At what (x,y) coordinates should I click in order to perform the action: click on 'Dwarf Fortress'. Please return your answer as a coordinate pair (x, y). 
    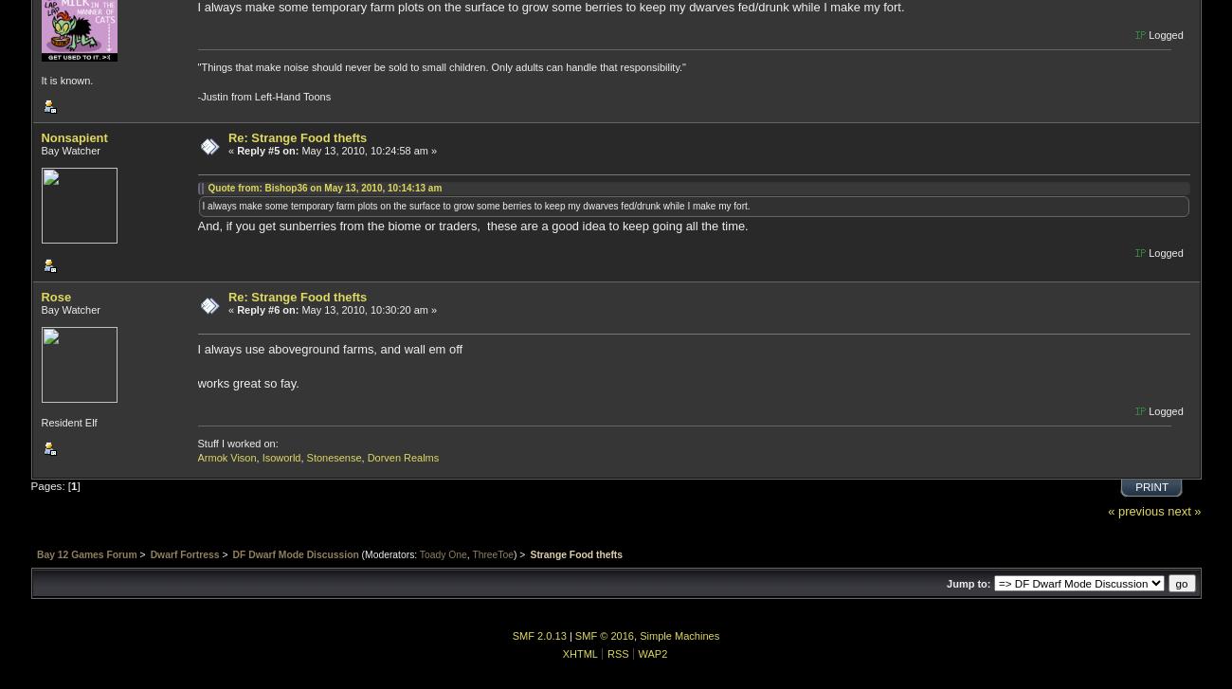
    Looking at the image, I should click on (184, 553).